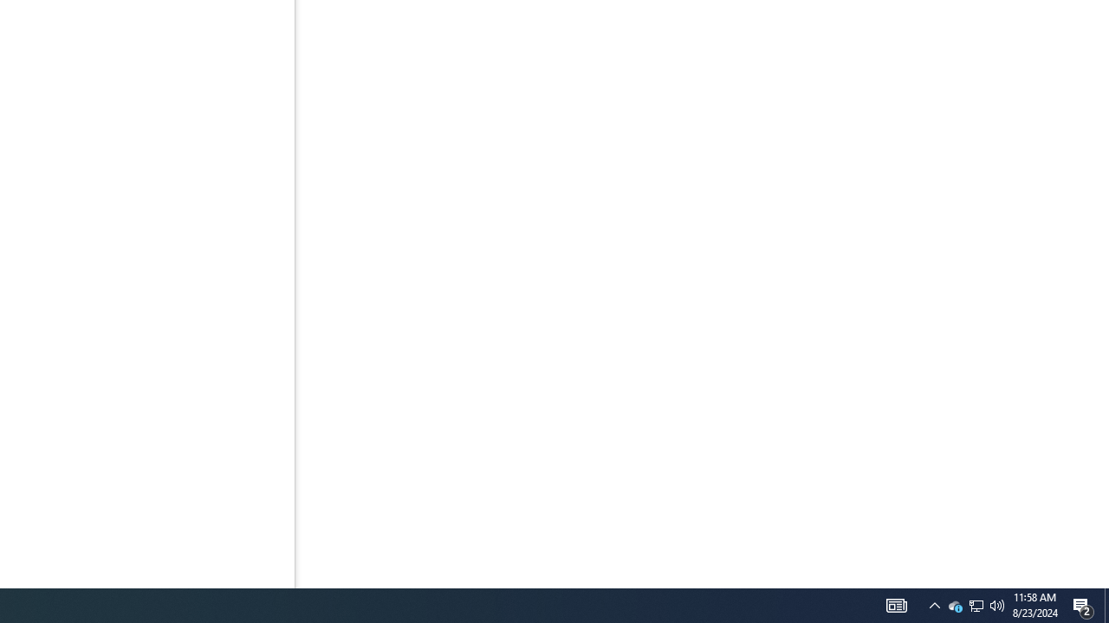  Describe the element at coordinates (976, 604) in the screenshot. I see `'User Promoted Notification Area'` at that location.